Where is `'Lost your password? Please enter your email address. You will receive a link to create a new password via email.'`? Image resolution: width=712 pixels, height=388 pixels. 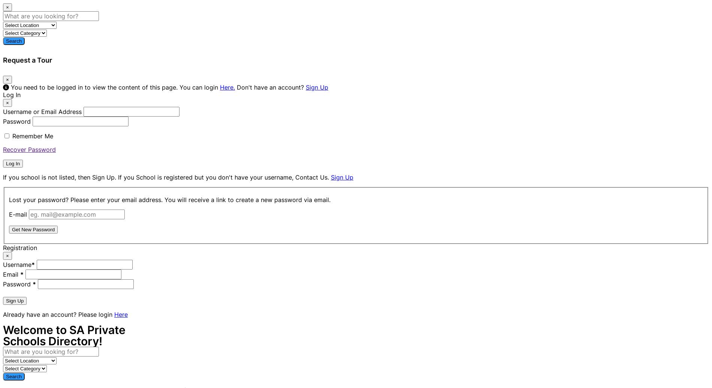 'Lost your password? Please enter your email address. You will receive a link to create a new password via email.' is located at coordinates (9, 199).